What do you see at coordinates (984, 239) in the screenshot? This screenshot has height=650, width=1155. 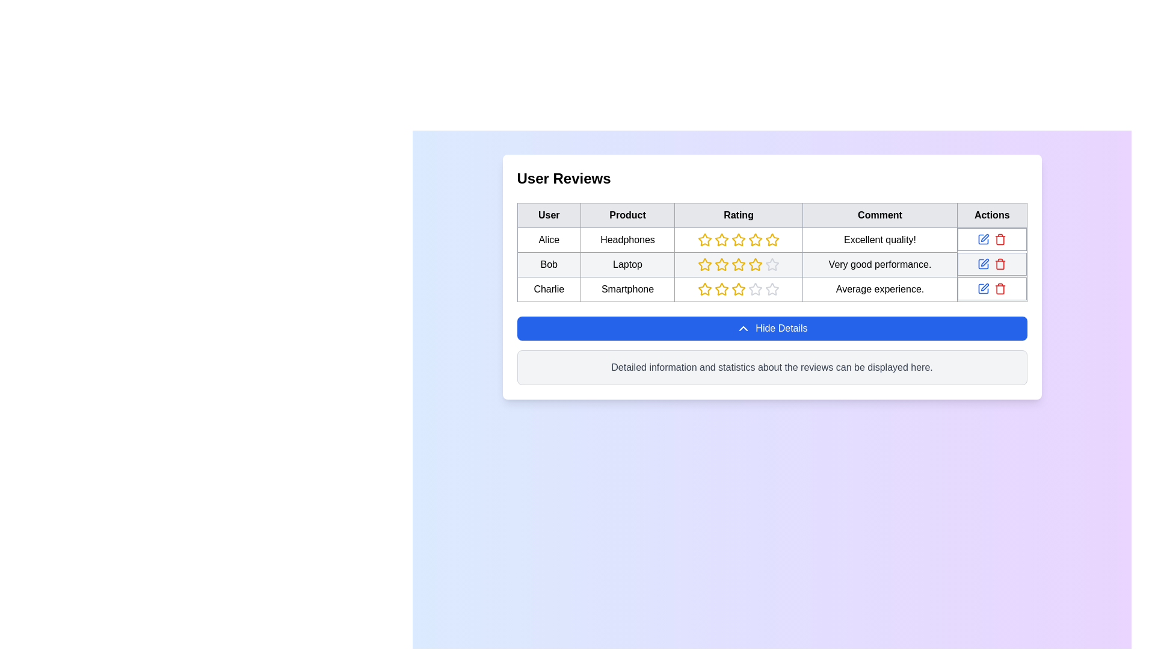 I see `the blue pen icon button in the 'Actions' column of the first row in the user reviews table to observe the hover effect` at bounding box center [984, 239].